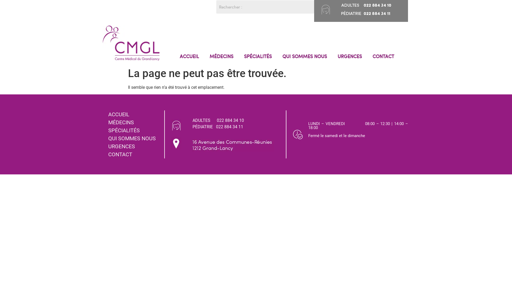 The image size is (512, 288). I want to click on 'ACCUEIL', so click(134, 114).